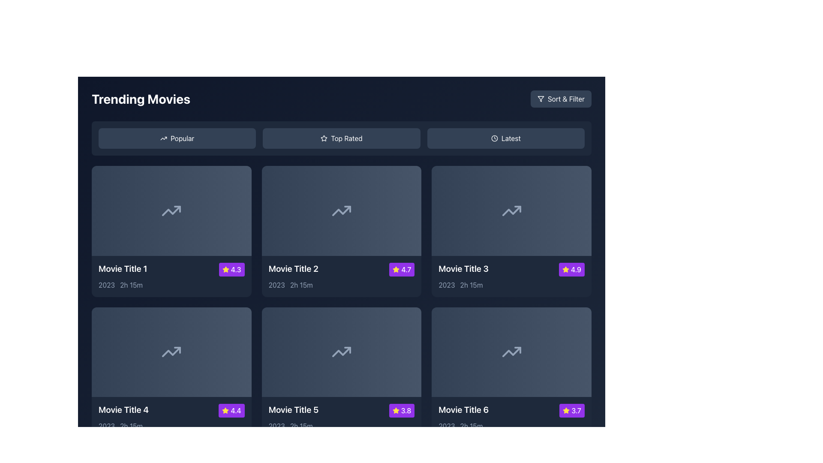  Describe the element at coordinates (396, 269) in the screenshot. I see `the yellow star-shaped icon located to the left of the rating number '4.7' inside a purple background rectangle` at that location.